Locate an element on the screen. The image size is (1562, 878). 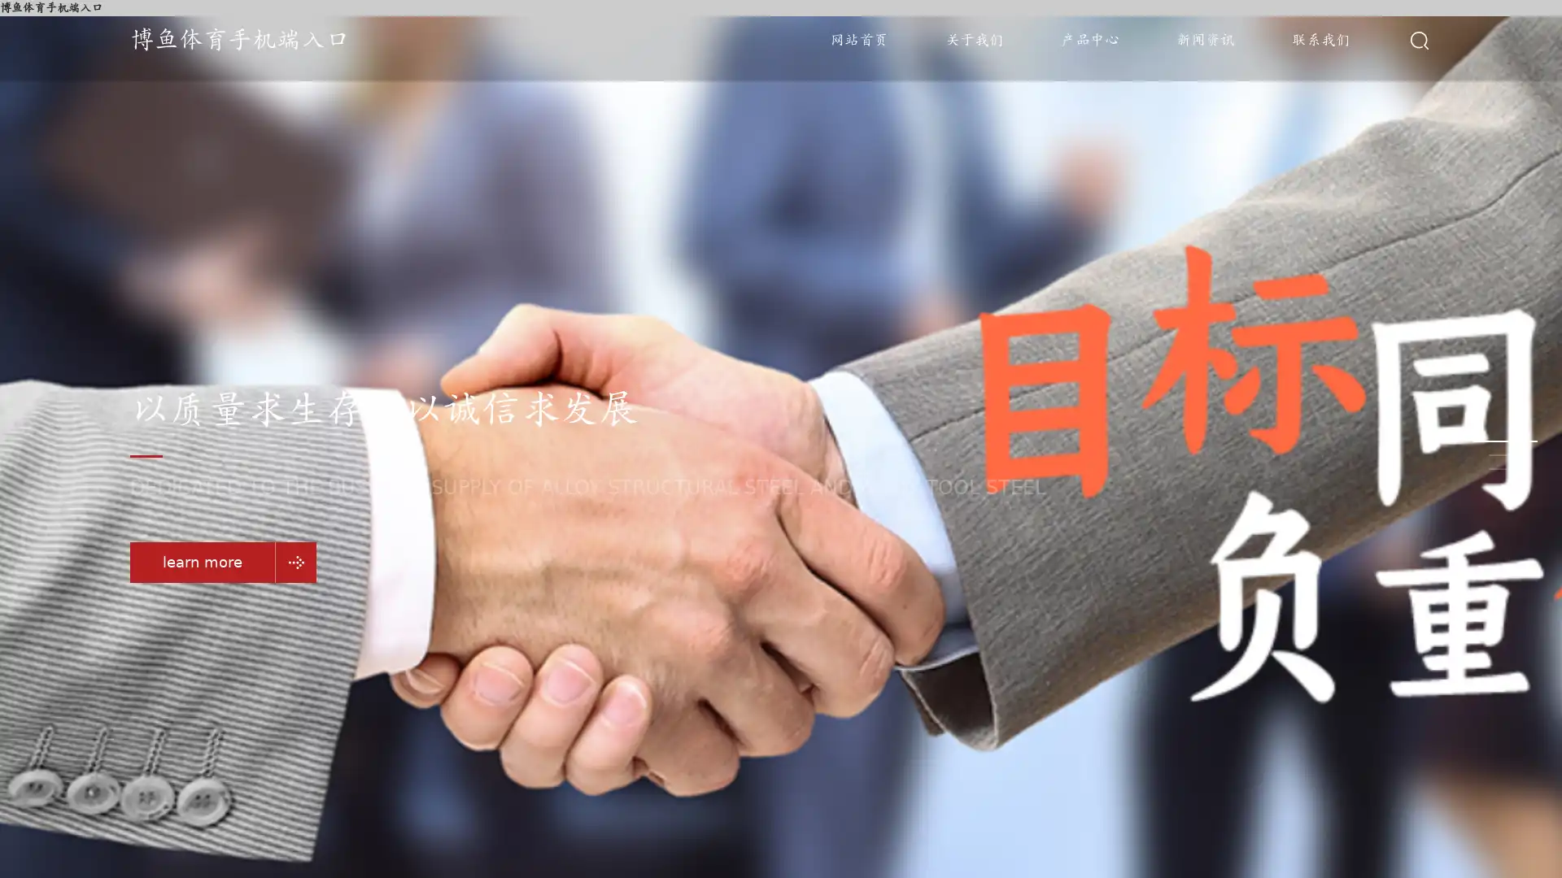
Go to slide 1 is located at coordinates (1503, 441).